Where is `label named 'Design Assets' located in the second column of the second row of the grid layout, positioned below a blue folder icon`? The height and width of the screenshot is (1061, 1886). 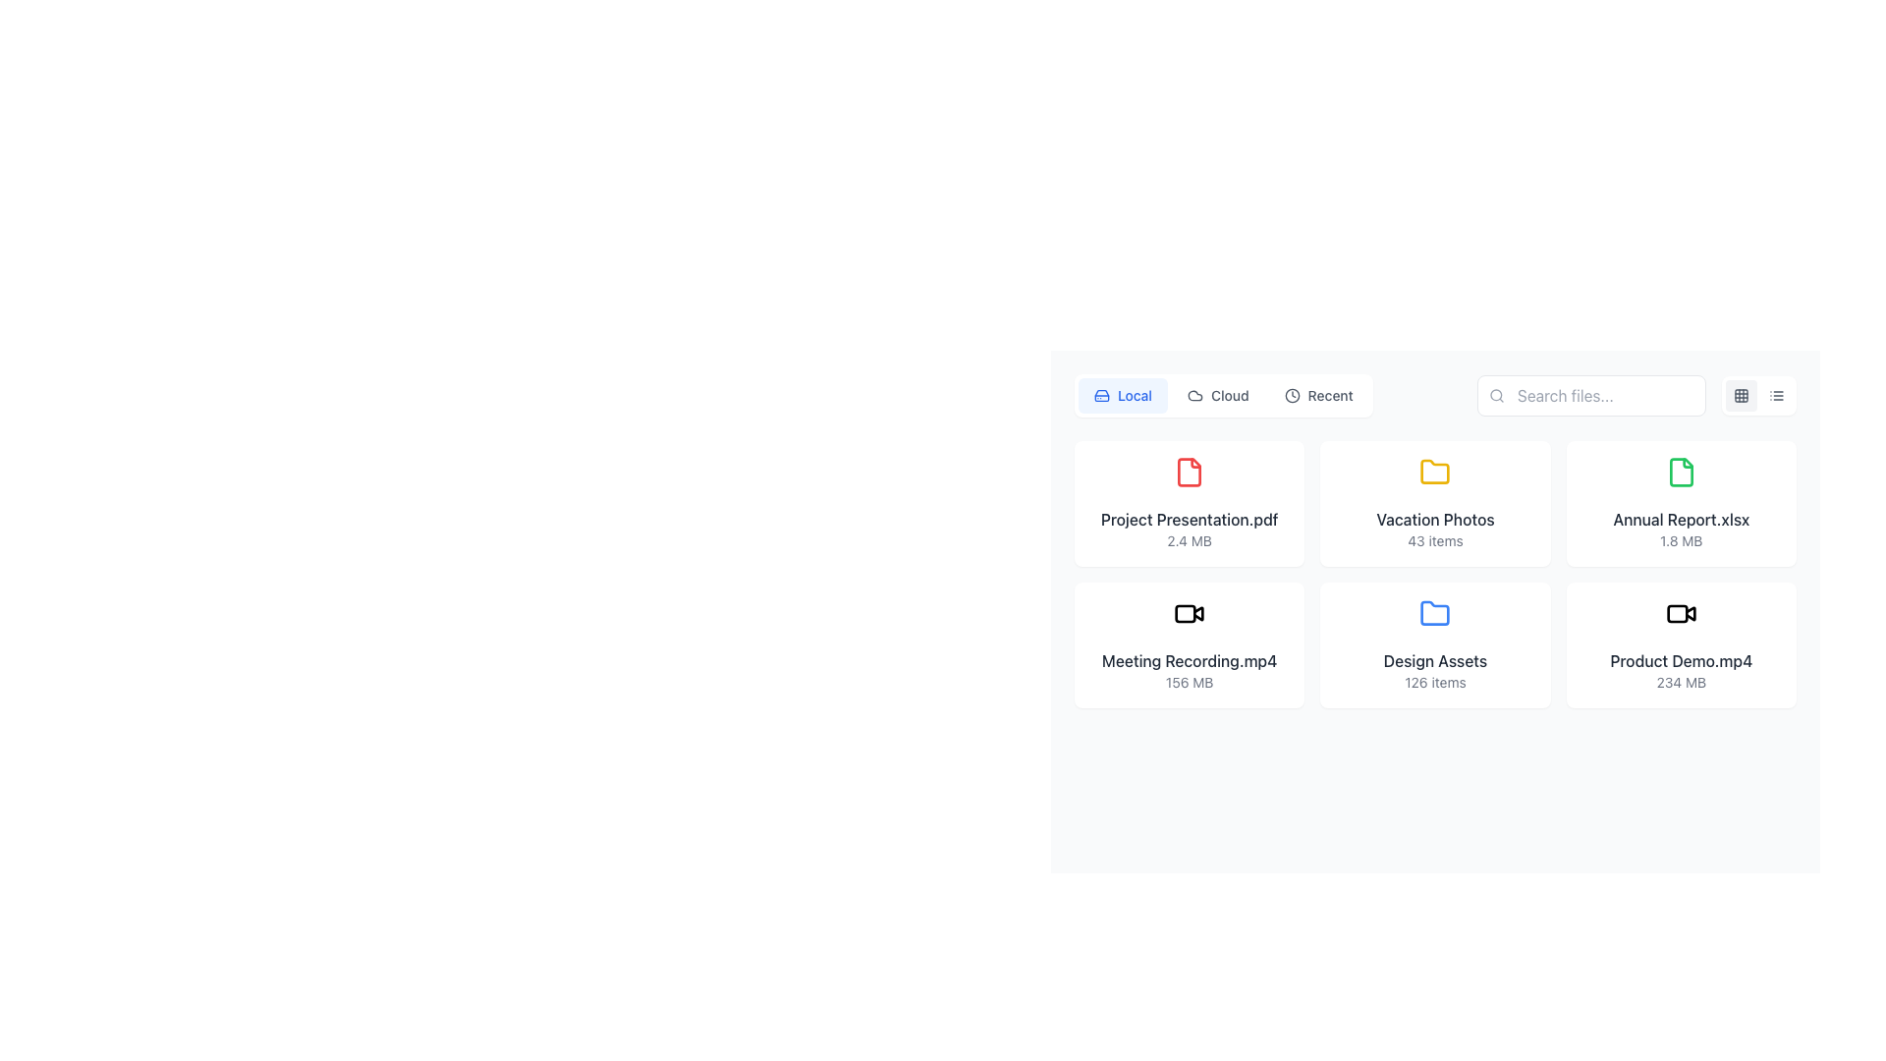 label named 'Design Assets' located in the second column of the second row of the grid layout, positioned below a blue folder icon is located at coordinates (1435, 660).